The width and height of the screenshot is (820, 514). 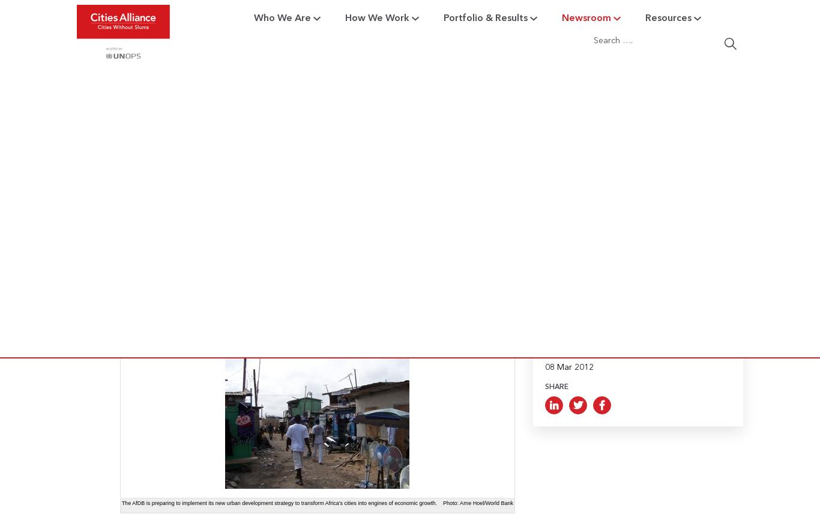 I want to click on 'Cities and Migration', so click(x=356, y=249).